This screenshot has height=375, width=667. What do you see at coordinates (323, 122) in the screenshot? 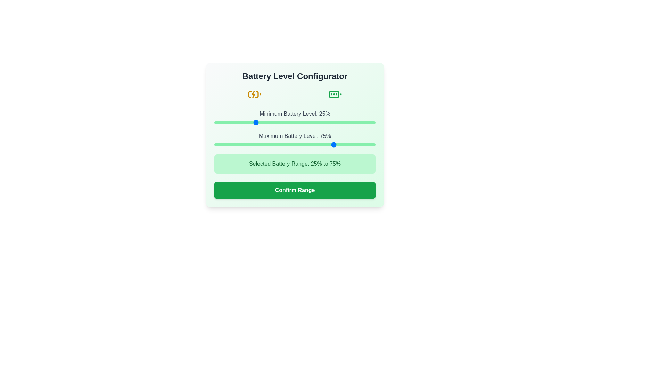
I see `the minimum battery level` at bounding box center [323, 122].